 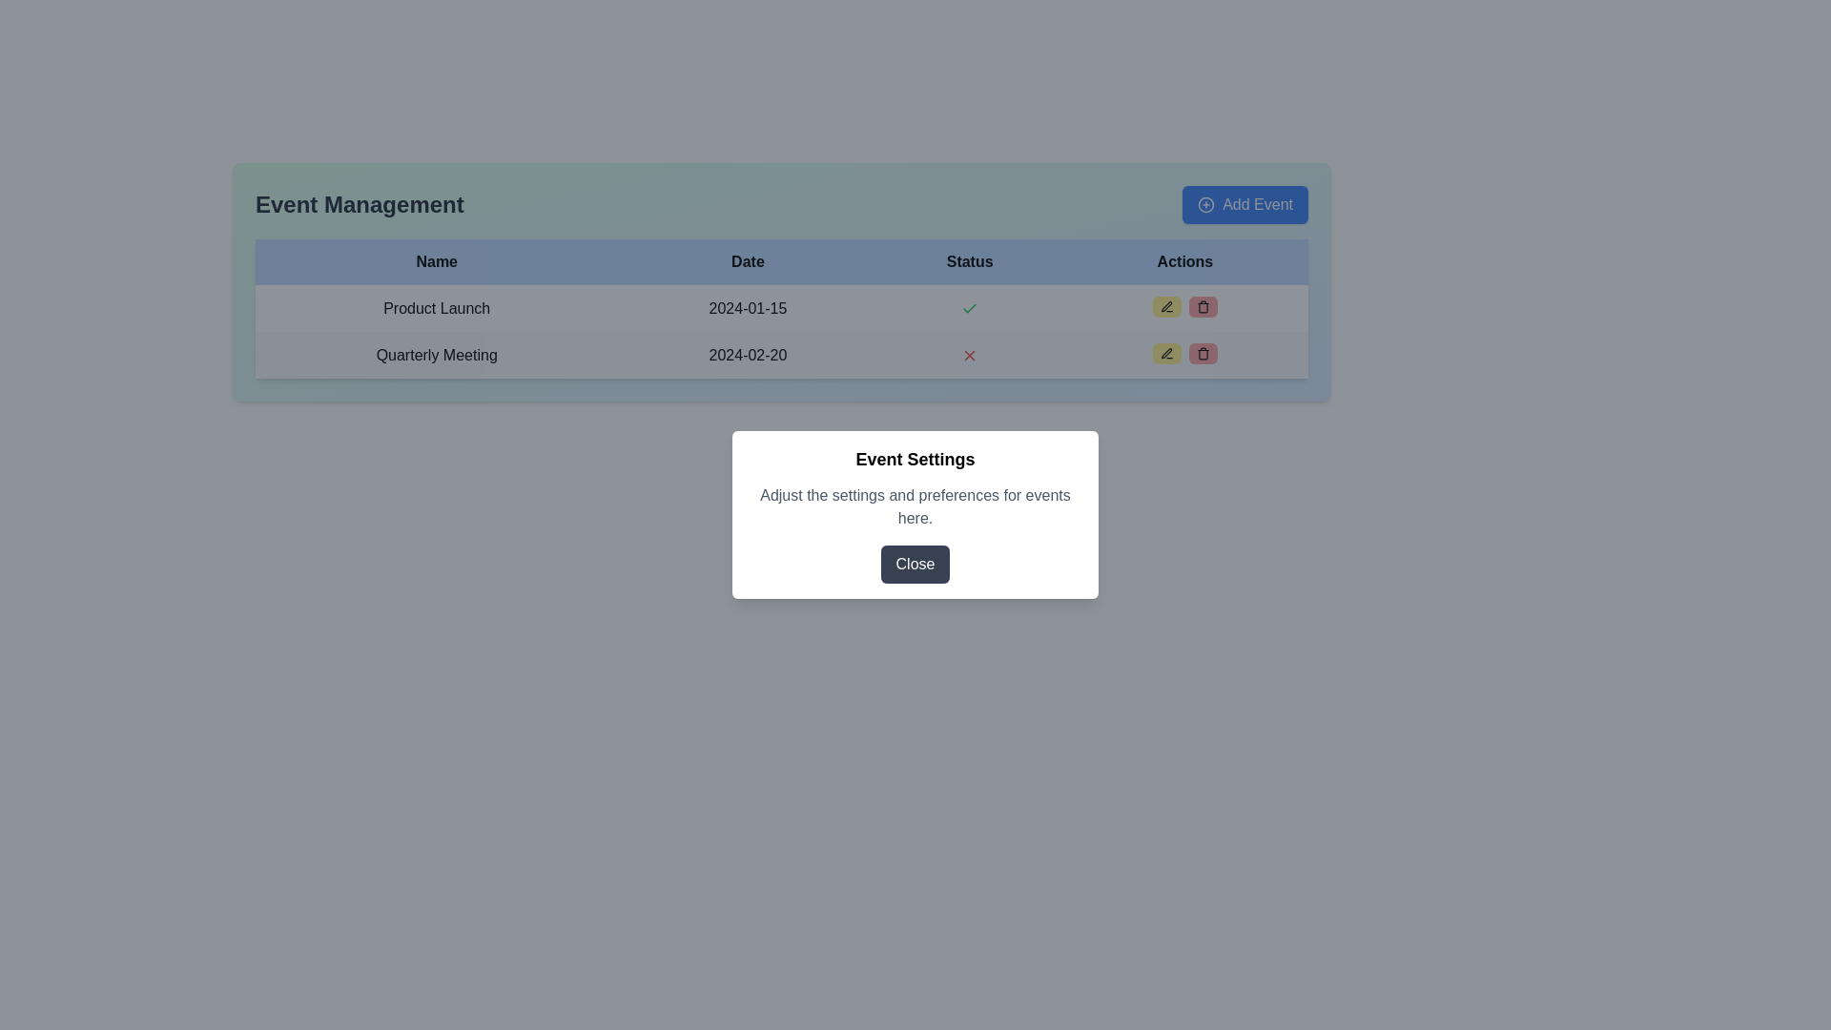 I want to click on the trash can icon located in the 'Actions' column of the second row under the 'Quarterly Meeting' entry, so click(x=1203, y=353).